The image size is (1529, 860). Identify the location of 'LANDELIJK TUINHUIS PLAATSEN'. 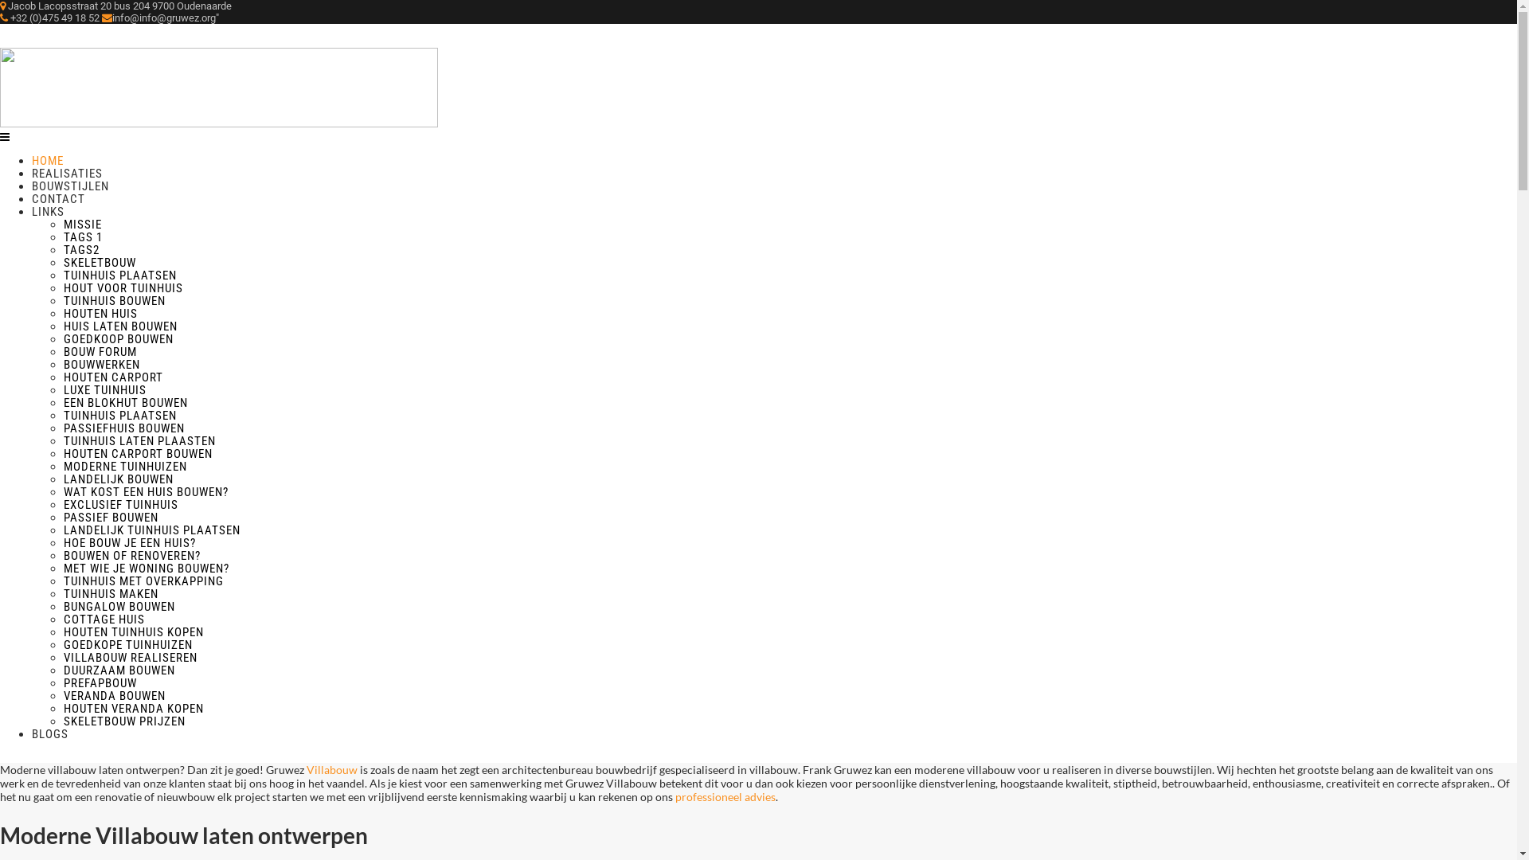
(152, 530).